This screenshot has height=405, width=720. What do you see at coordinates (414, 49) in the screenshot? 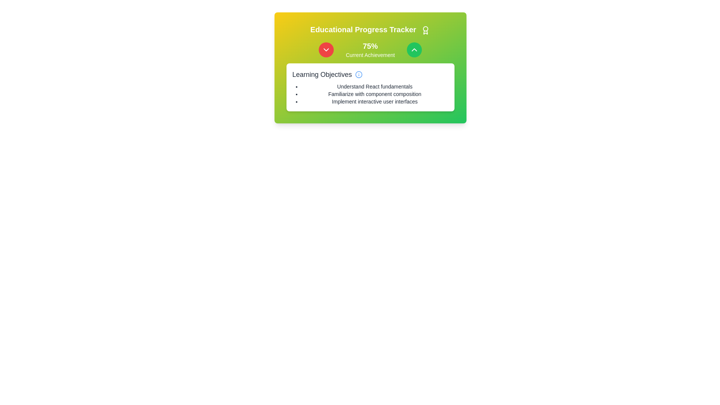
I see `the chevron-up icon within the green circular button located on the right side of the header section of the 'Educational Progress Tracker' card` at bounding box center [414, 49].